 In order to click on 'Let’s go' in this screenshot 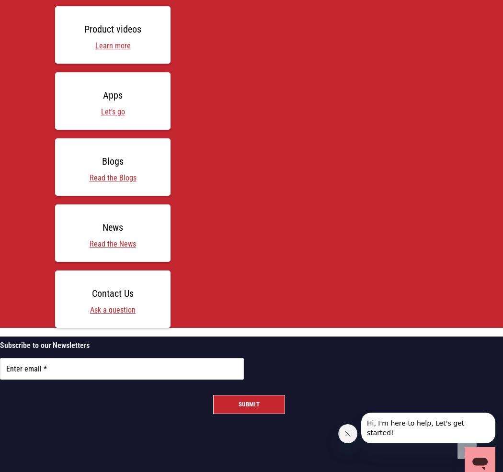, I will do `click(112, 111)`.